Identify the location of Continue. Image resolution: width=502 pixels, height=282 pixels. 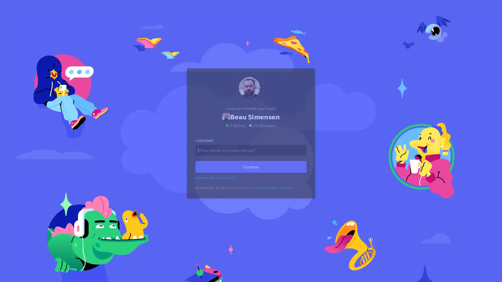
(251, 173).